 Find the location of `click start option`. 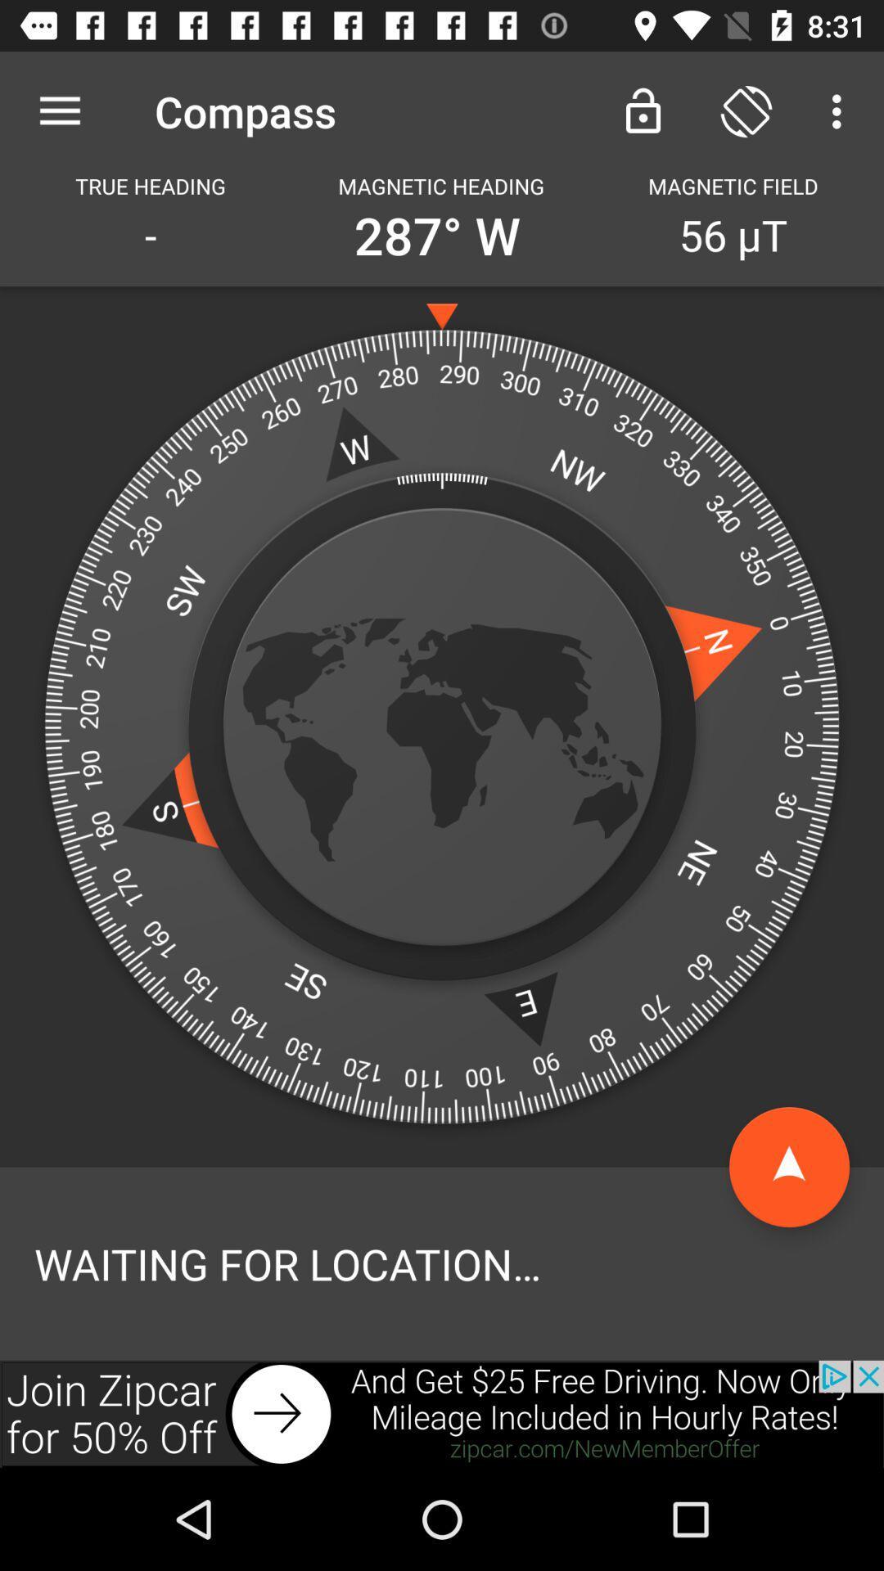

click start option is located at coordinates (788, 1166).